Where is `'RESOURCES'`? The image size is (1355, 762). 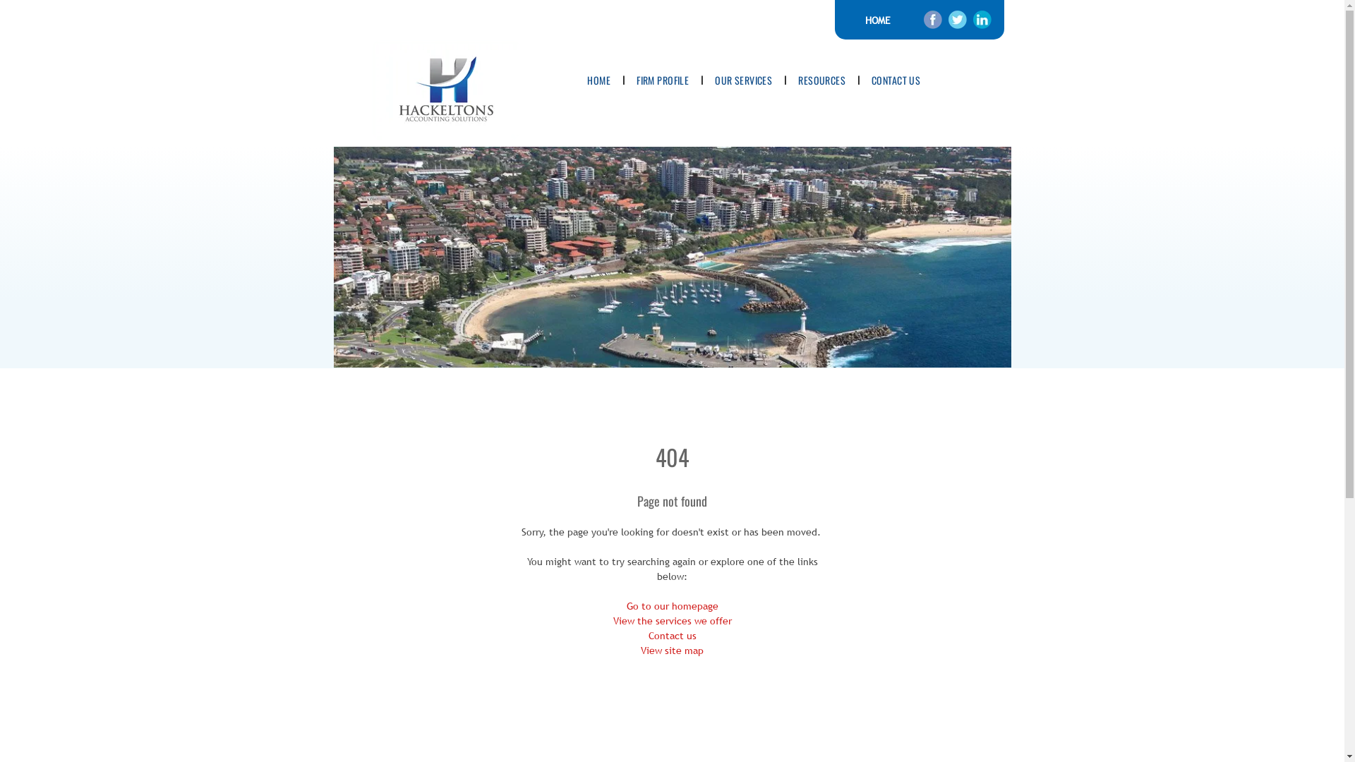
'RESOURCES' is located at coordinates (821, 80).